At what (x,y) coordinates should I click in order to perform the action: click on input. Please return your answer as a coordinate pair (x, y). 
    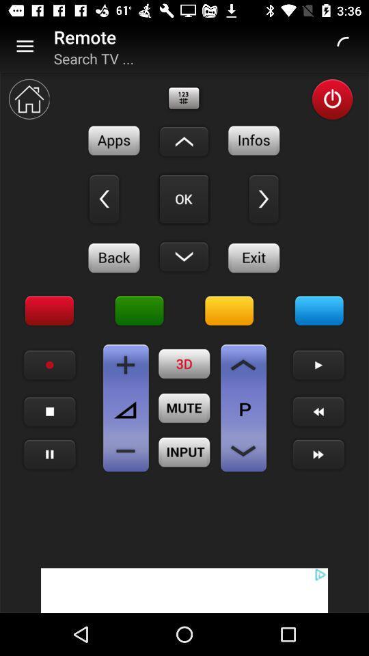
    Looking at the image, I should click on (184, 452).